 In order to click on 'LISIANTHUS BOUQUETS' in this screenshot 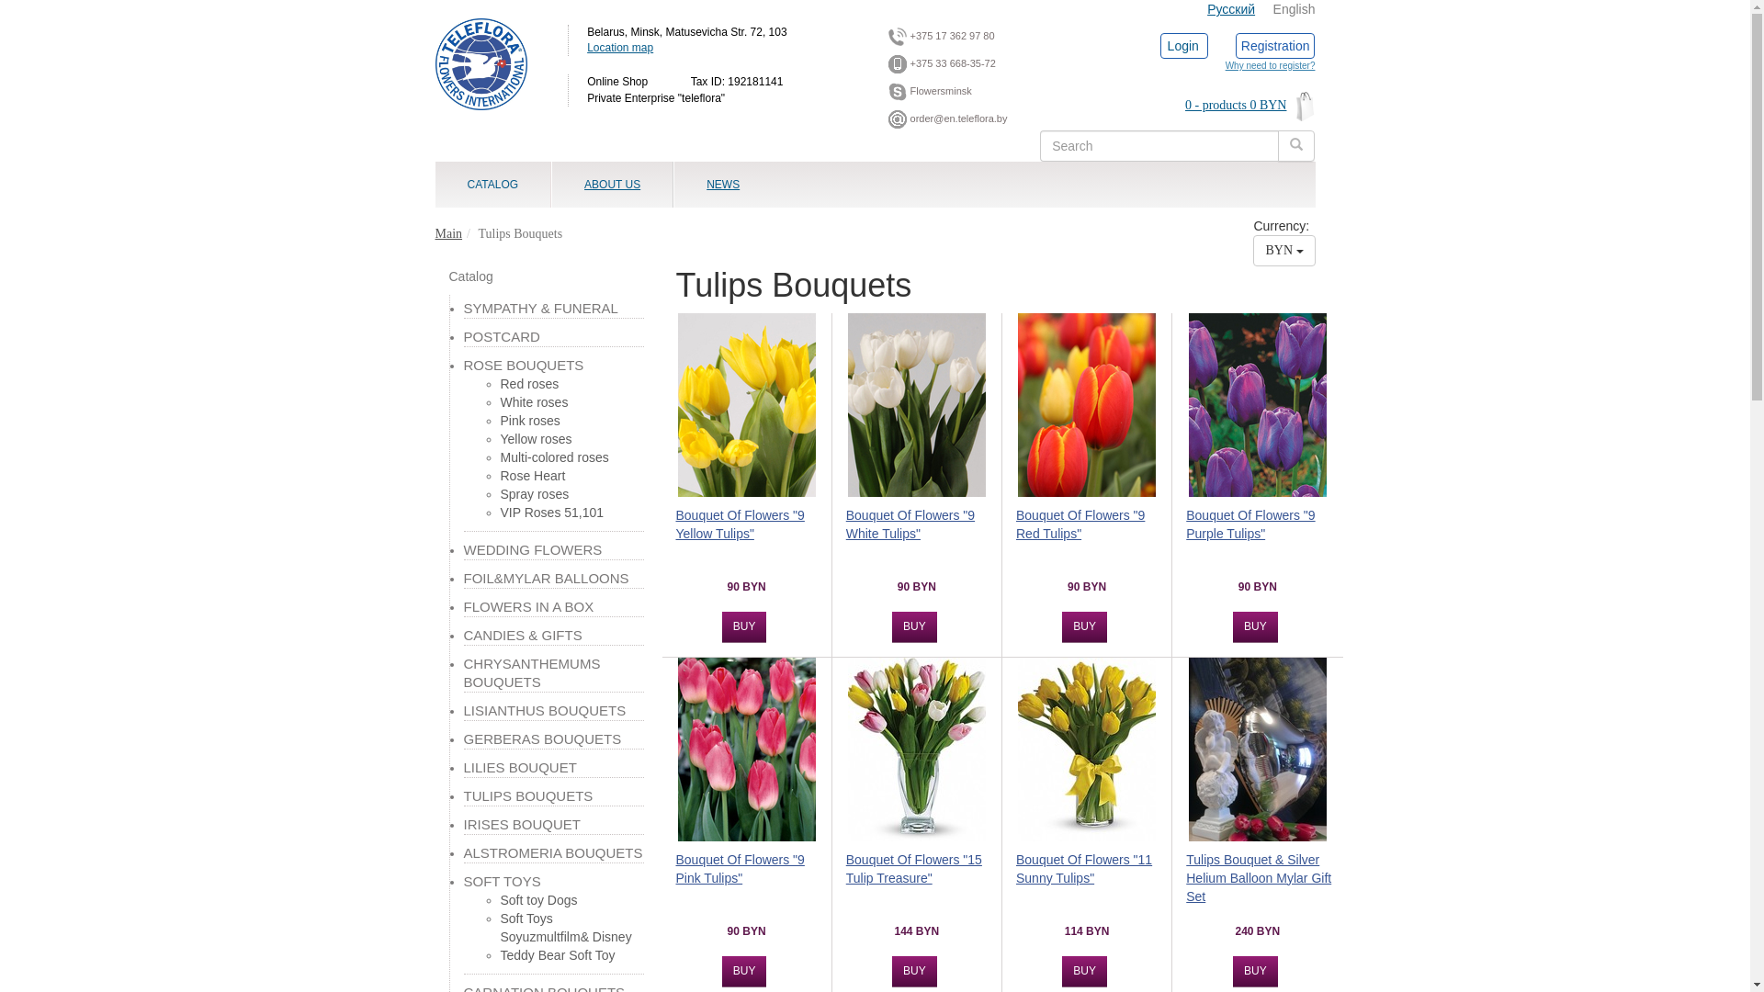, I will do `click(463, 709)`.